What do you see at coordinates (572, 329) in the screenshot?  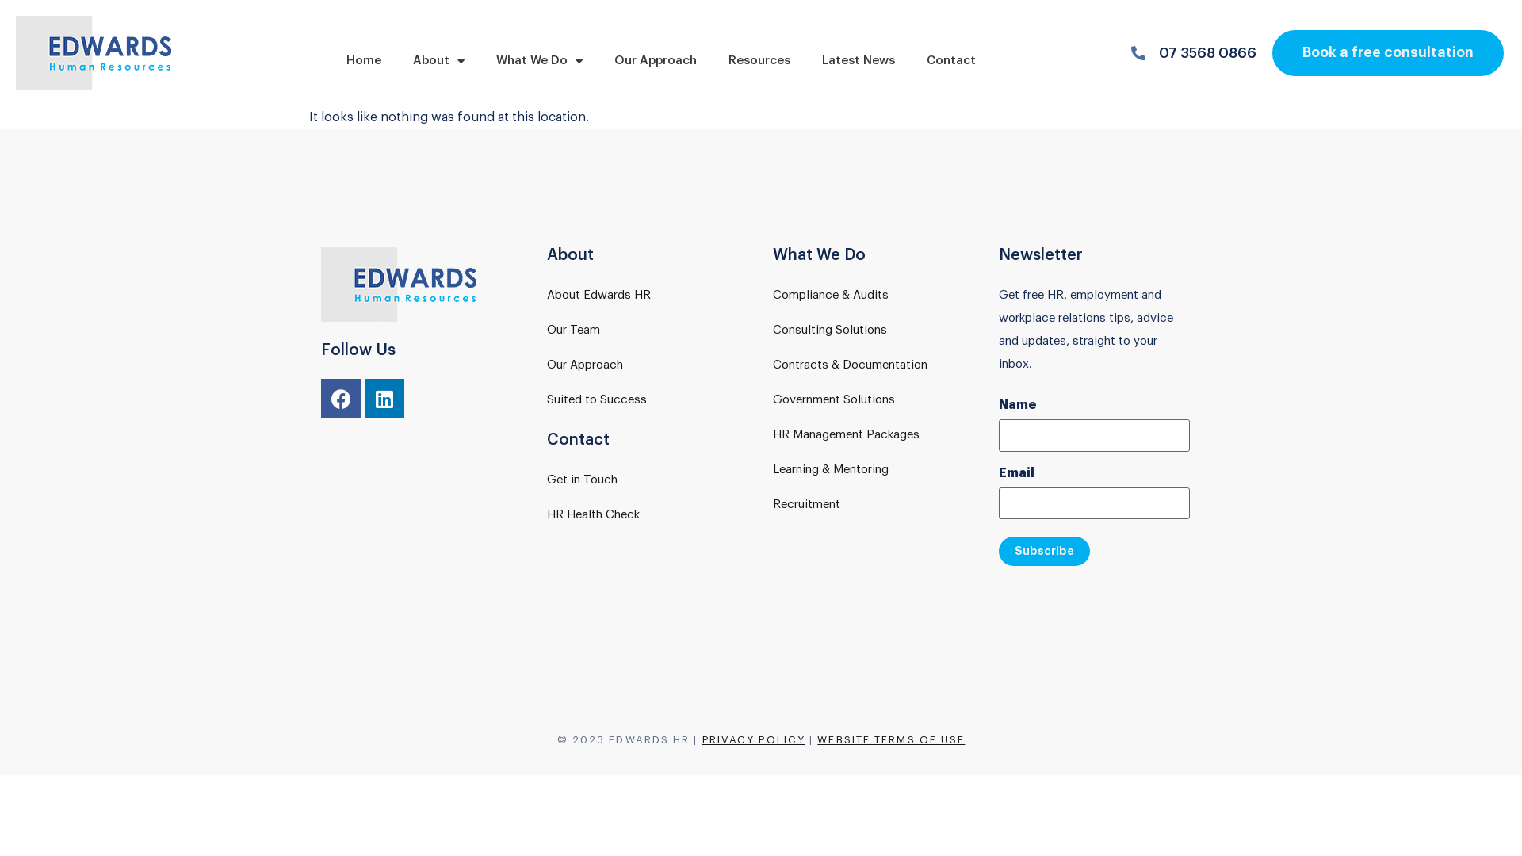 I see `'Our Team'` at bounding box center [572, 329].